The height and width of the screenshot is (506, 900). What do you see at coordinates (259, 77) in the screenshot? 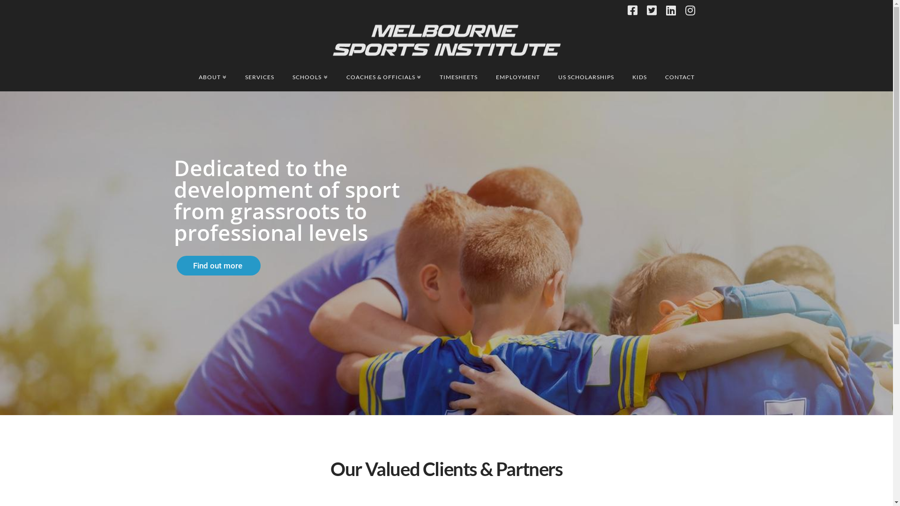
I see `'SERVICES'` at bounding box center [259, 77].